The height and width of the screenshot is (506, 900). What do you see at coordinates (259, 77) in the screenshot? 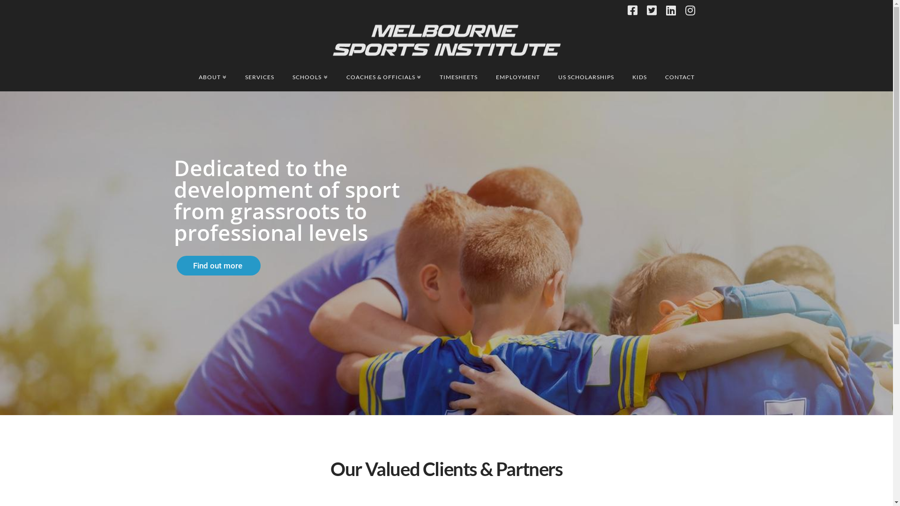
I see `'SERVICES'` at bounding box center [259, 77].